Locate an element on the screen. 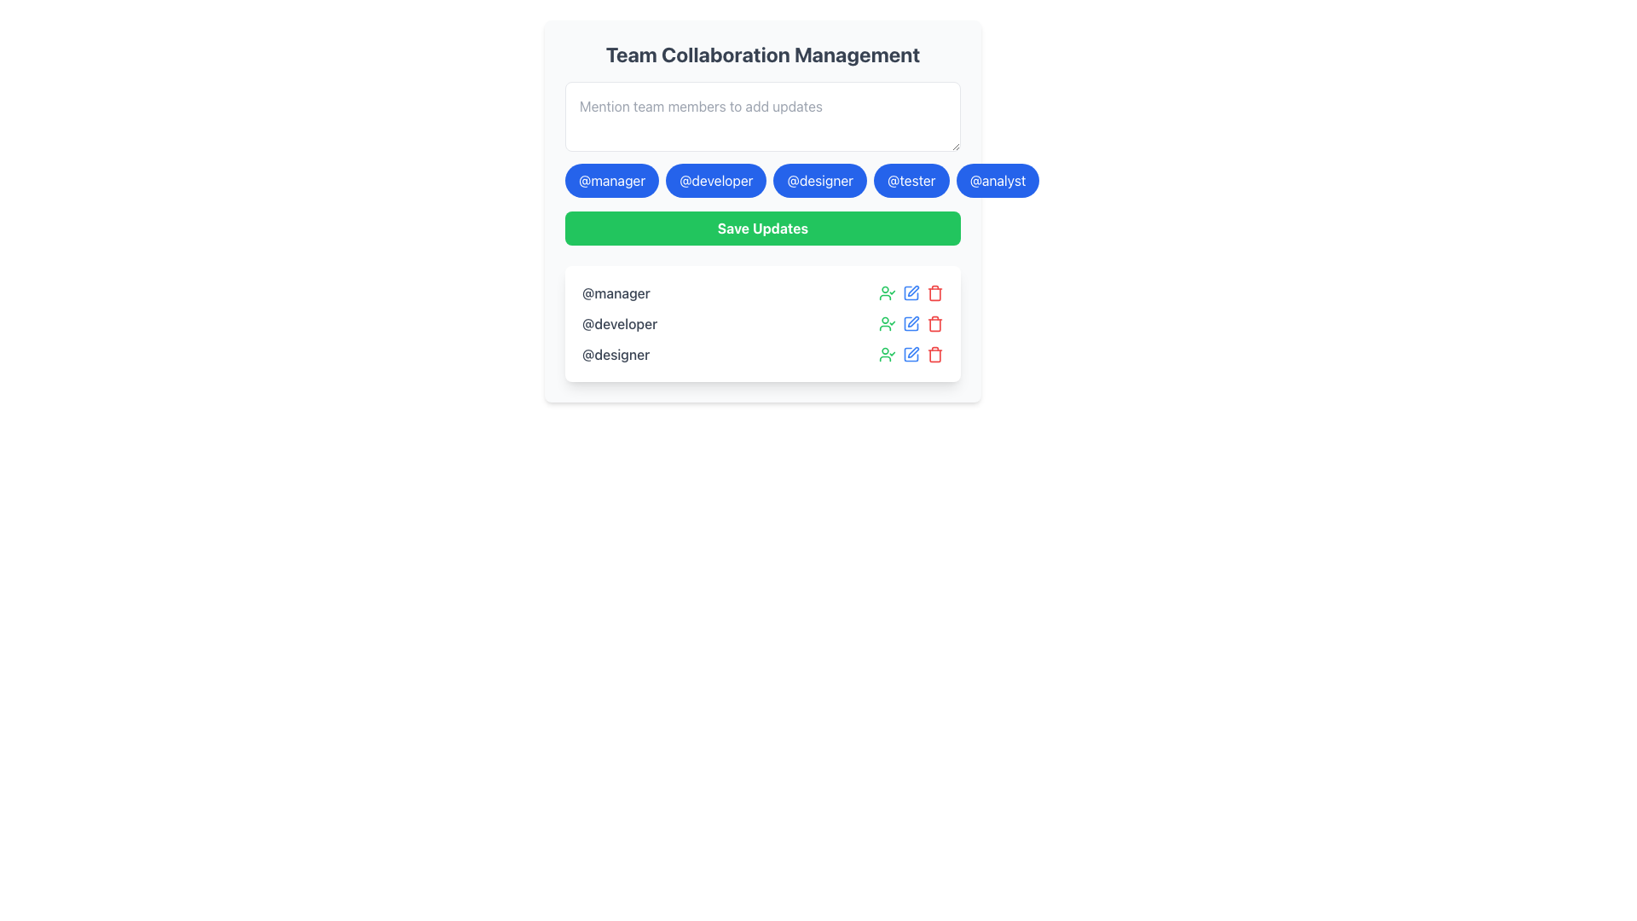 The height and width of the screenshot is (921, 1637). the icon button (blue pen) positioned second in the horizontal stack of icons next to the @developer label is located at coordinates (911, 324).